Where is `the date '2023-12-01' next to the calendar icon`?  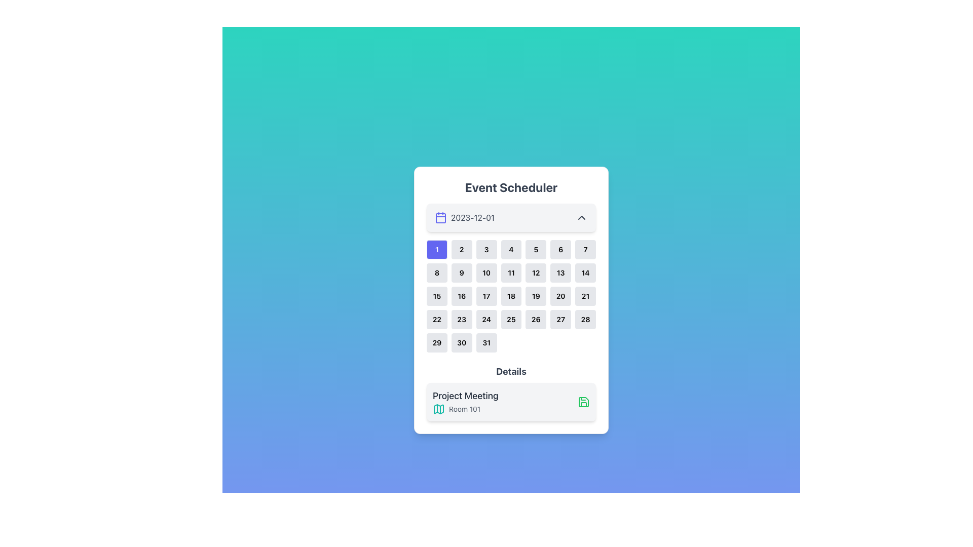
the date '2023-12-01' next to the calendar icon is located at coordinates (464, 217).